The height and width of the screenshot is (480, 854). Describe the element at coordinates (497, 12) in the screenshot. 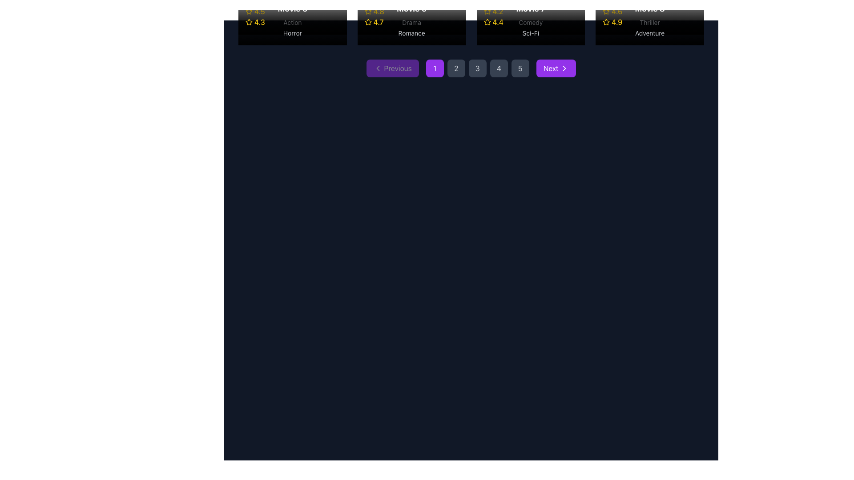

I see `numeric value '4.2' displayed in bold yellow font within the content group for 'Movie 9', which is part of a rating system adjacent to a yellow star icon` at that location.